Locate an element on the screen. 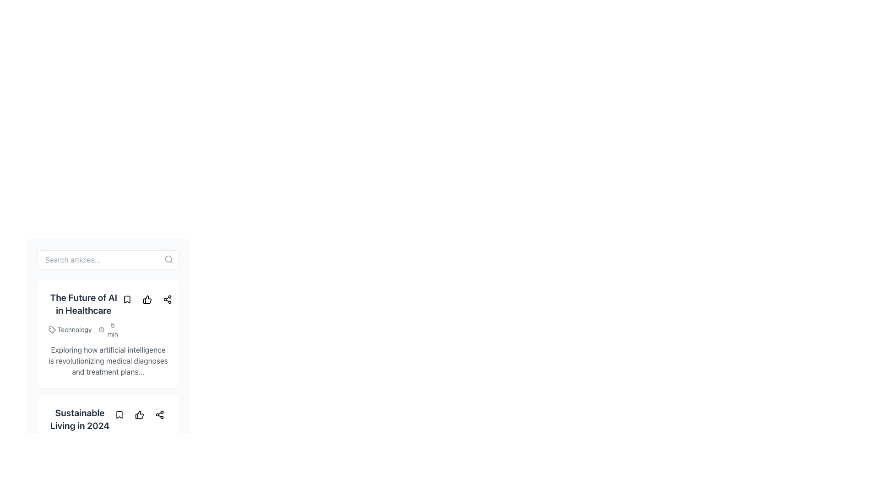  the thumbs-up icon, which is a minimalistic line art representation located centrally in a row of three icons below the title 'Sustainable Living in 2024' is located at coordinates (139, 414).